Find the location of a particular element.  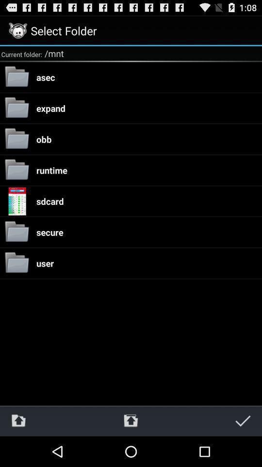

the first folder is located at coordinates (17, 76).